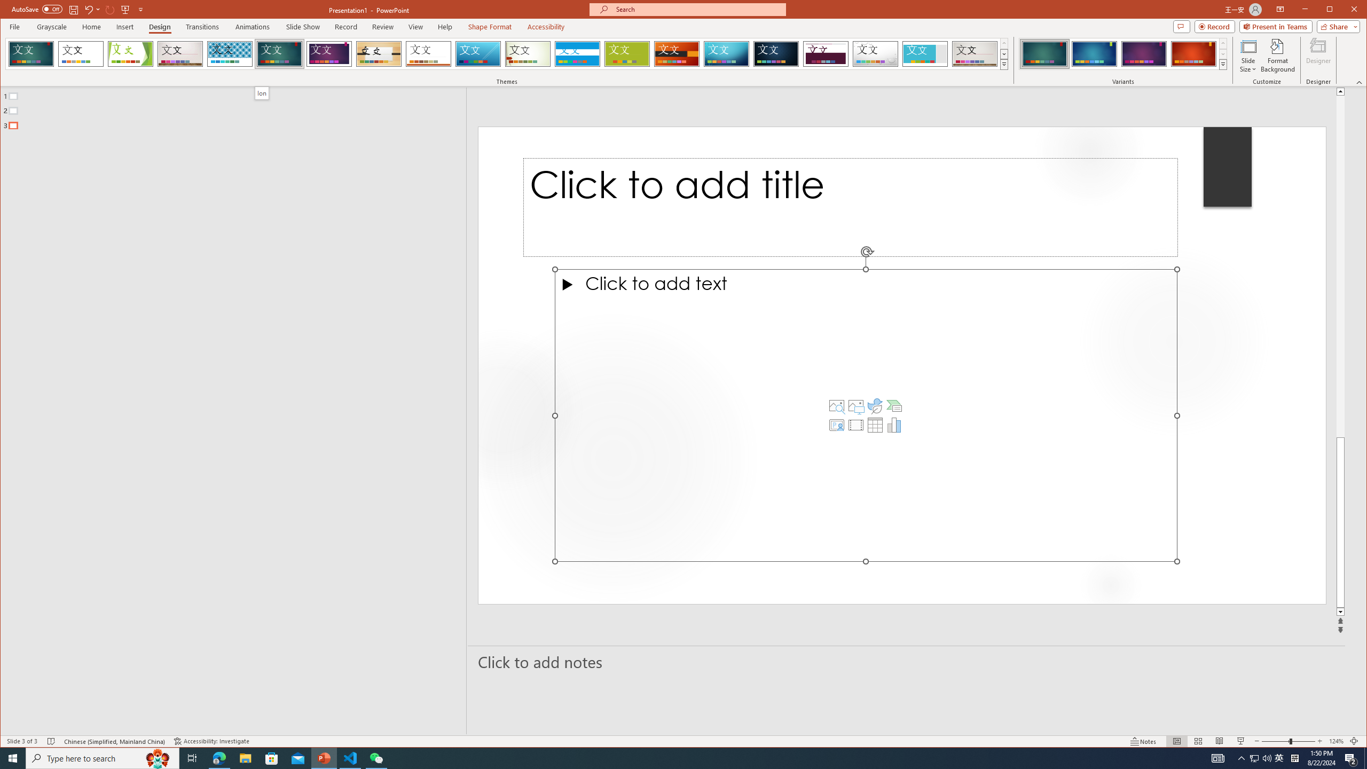  I want to click on 'Variants', so click(1223, 64).